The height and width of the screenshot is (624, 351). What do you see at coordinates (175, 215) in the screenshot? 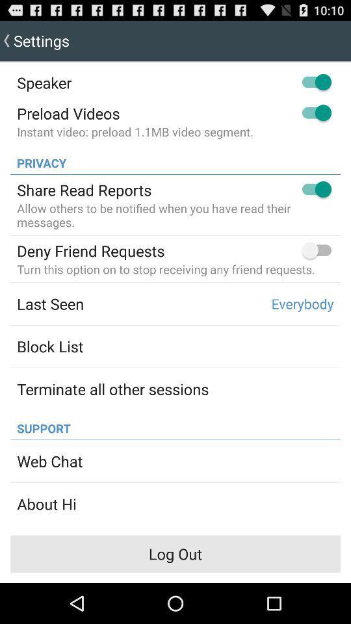
I see `the allow others to` at bounding box center [175, 215].